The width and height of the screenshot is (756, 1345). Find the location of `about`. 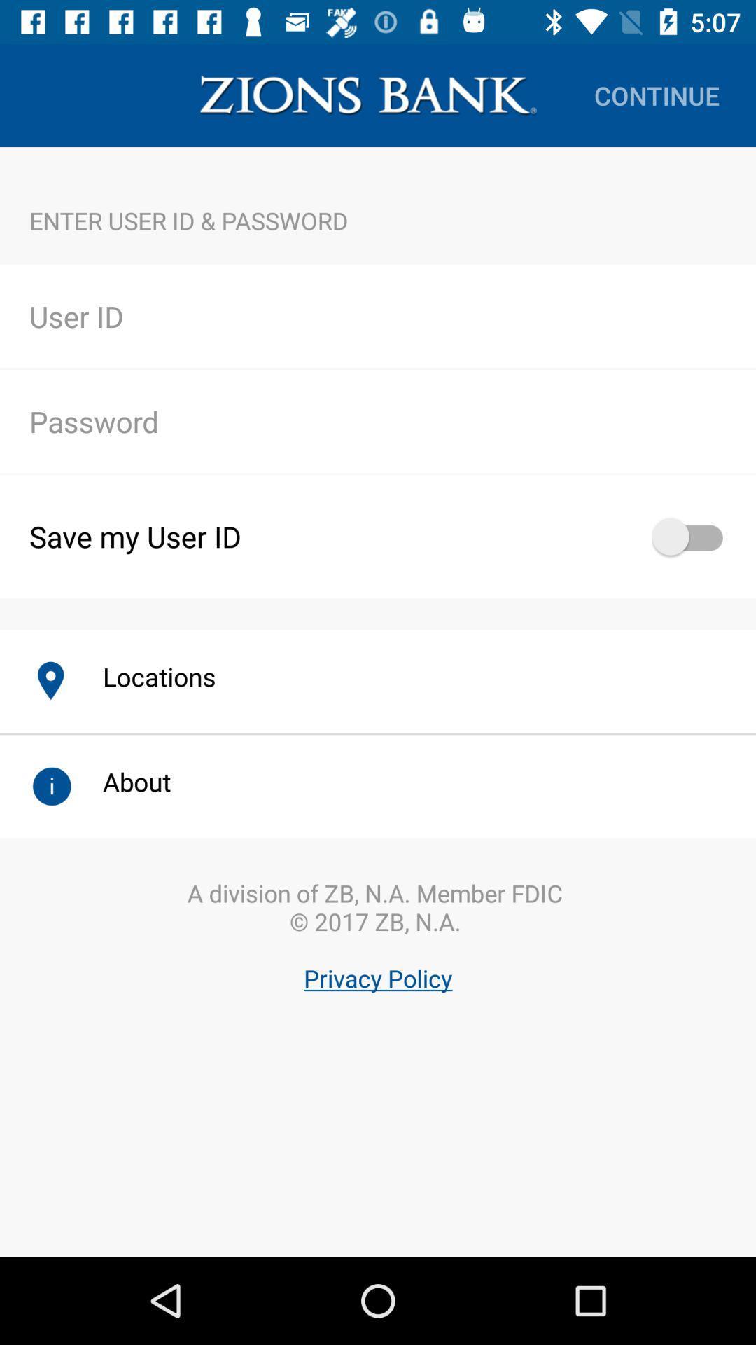

about is located at coordinates (121, 781).